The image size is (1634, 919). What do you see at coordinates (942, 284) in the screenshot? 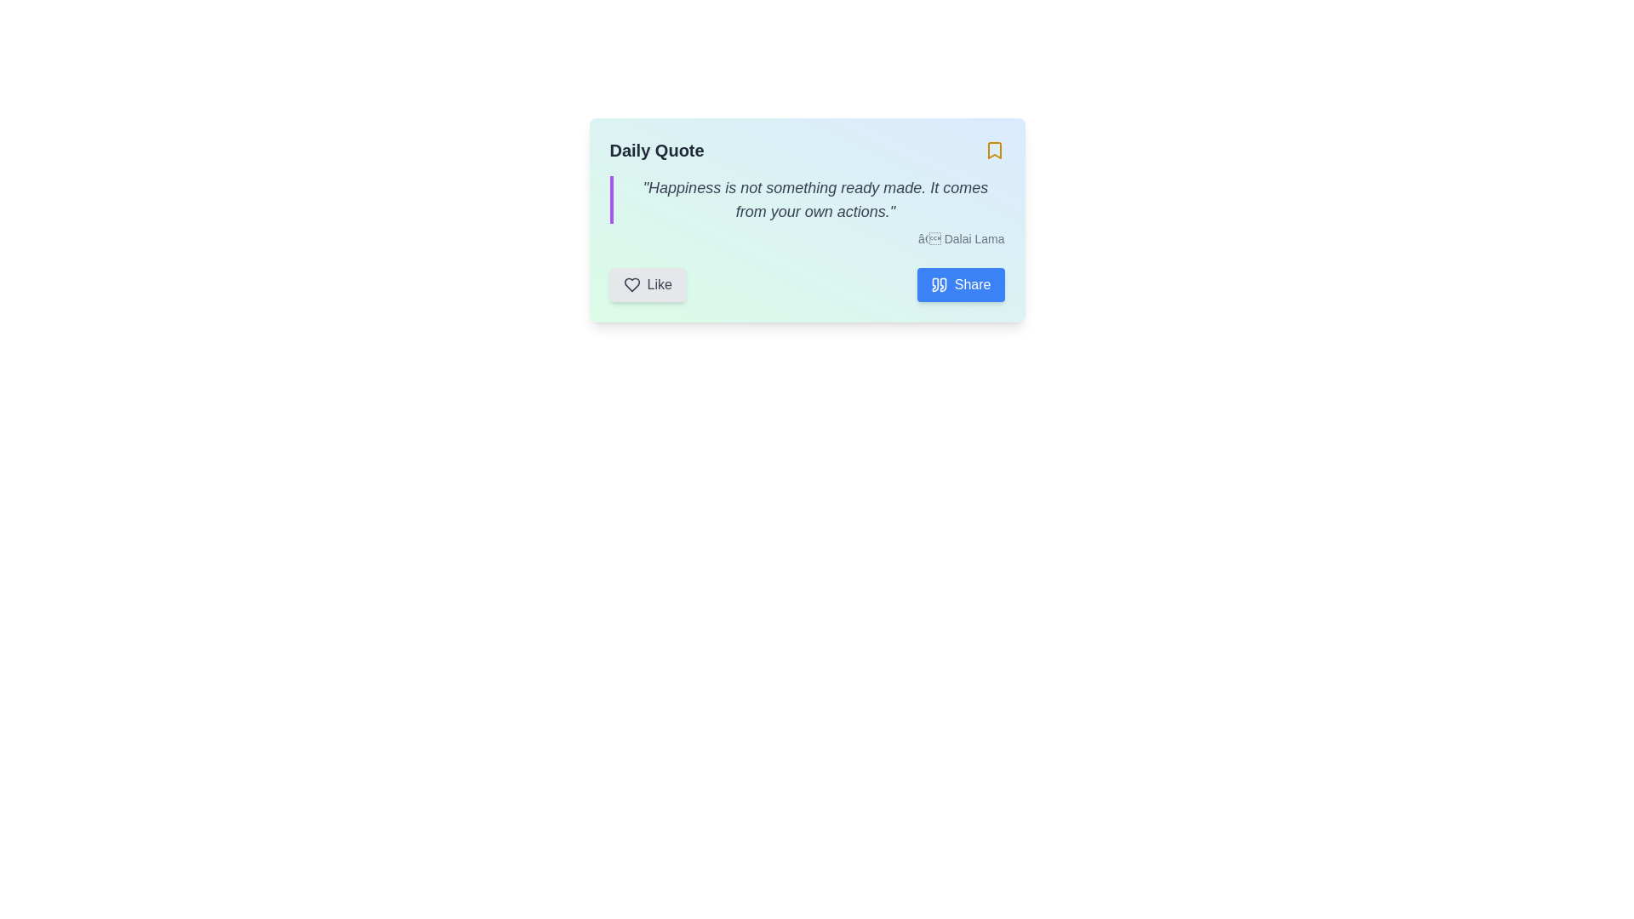
I see `the right-side quotation mark of the decorative SVG graphic, which is part of a symmetrical pair located in the top-right corner of the quote card` at bounding box center [942, 284].